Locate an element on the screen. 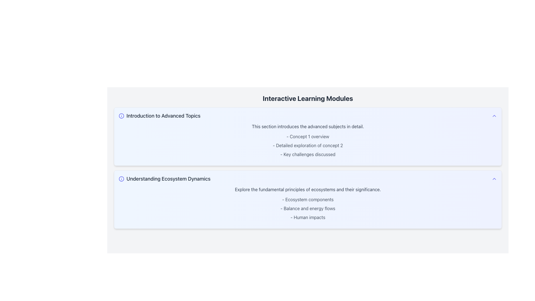  the text content of the vertical list displaying topics such as 'Concept 1 overview', 'Detailed exploration of concept 2', and 'Key challenges discussed', which is styled in gray font against a light blue background is located at coordinates (307, 145).